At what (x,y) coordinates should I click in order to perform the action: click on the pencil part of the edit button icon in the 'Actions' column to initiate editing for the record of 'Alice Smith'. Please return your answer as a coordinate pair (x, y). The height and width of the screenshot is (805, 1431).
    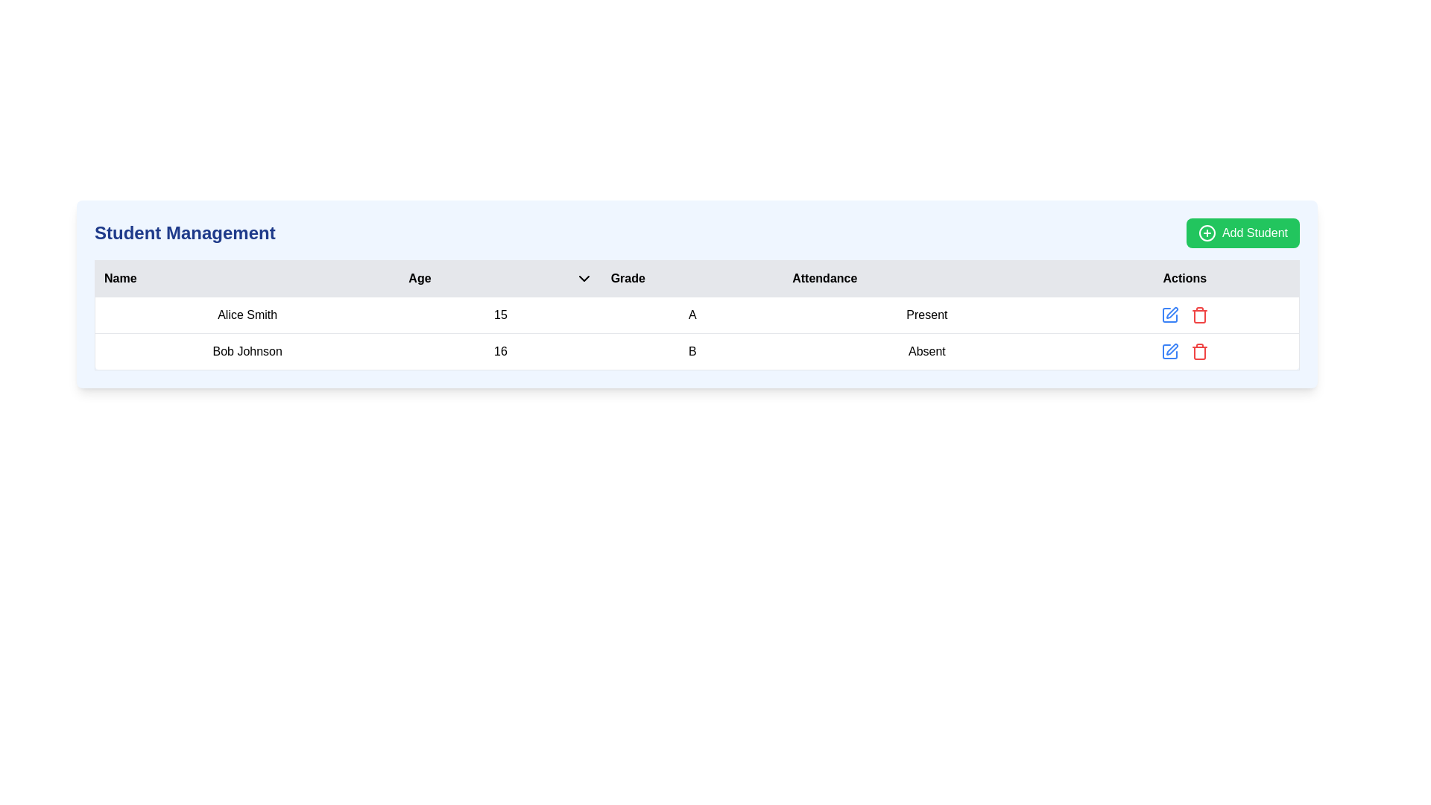
    Looking at the image, I should click on (1170, 312).